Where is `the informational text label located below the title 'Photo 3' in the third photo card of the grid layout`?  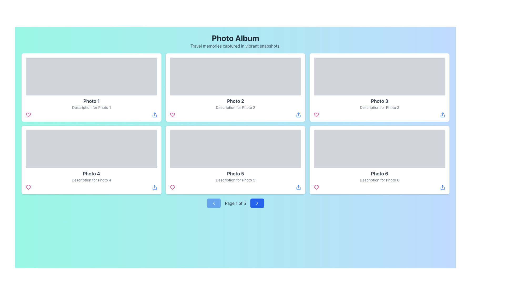
the informational text label located below the title 'Photo 3' in the third photo card of the grid layout is located at coordinates (380, 107).